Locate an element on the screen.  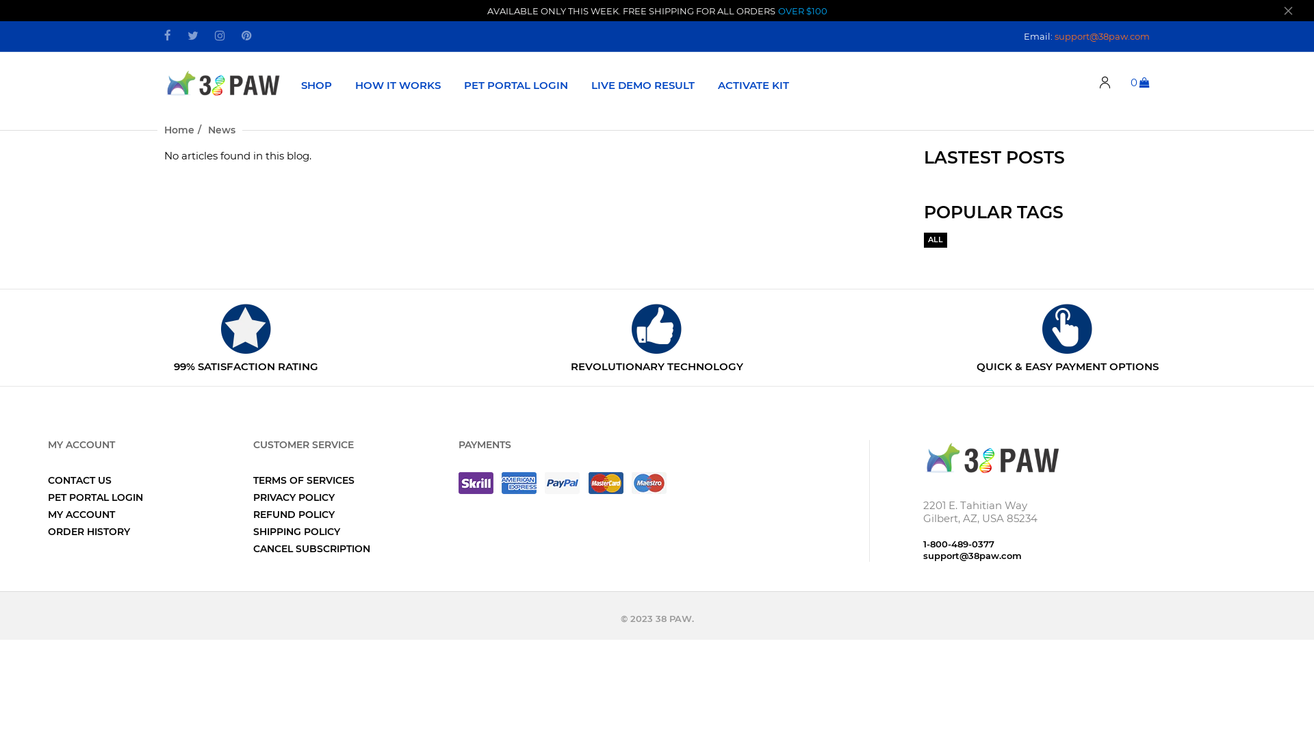
'LIVE DEMO RESULT' is located at coordinates (642, 84).